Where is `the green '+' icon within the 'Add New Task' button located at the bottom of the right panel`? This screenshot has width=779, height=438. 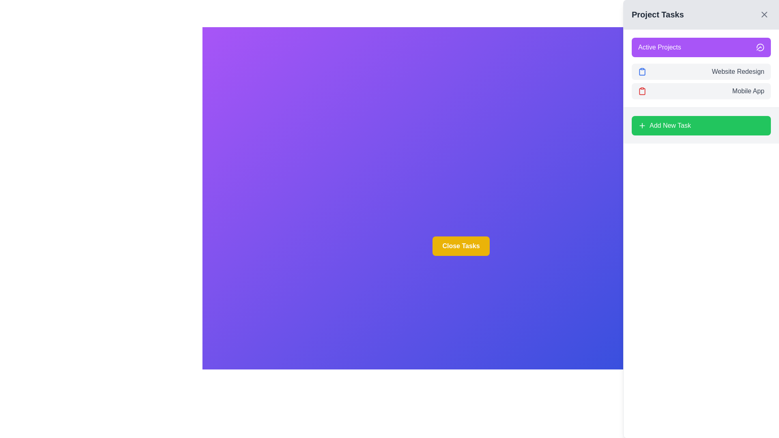
the green '+' icon within the 'Add New Task' button located at the bottom of the right panel is located at coordinates (642, 125).